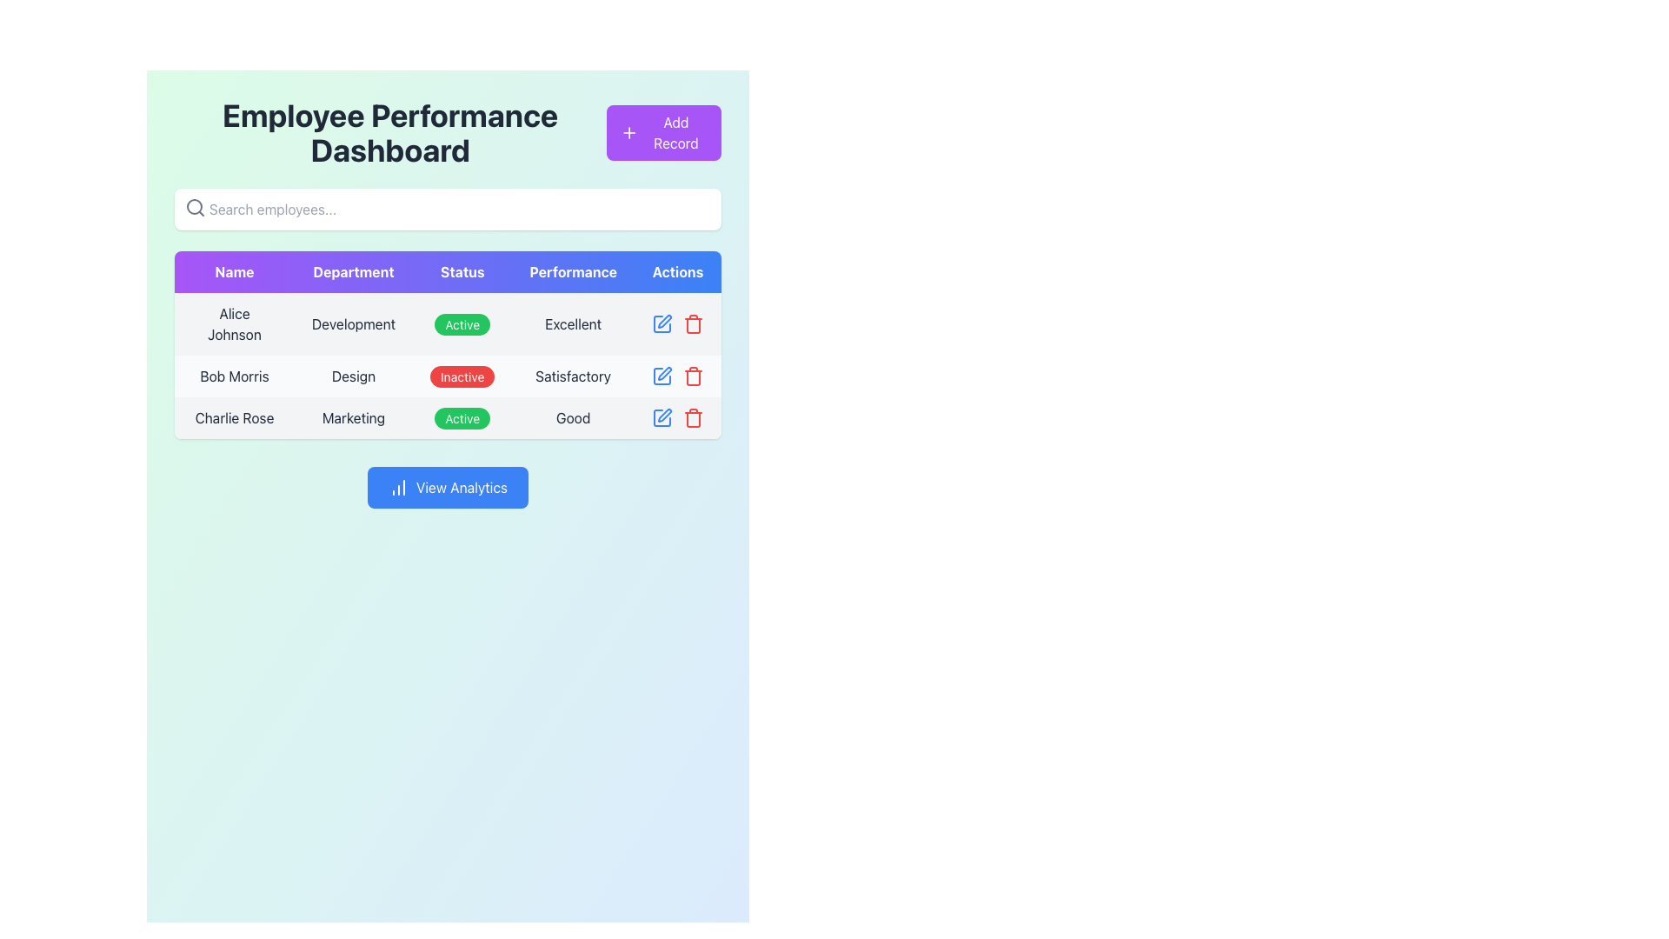  Describe the element at coordinates (448, 418) in the screenshot. I see `the status label displaying 'Active' for 'Charlie Rose' located in the third cell of the third row in the table` at that location.